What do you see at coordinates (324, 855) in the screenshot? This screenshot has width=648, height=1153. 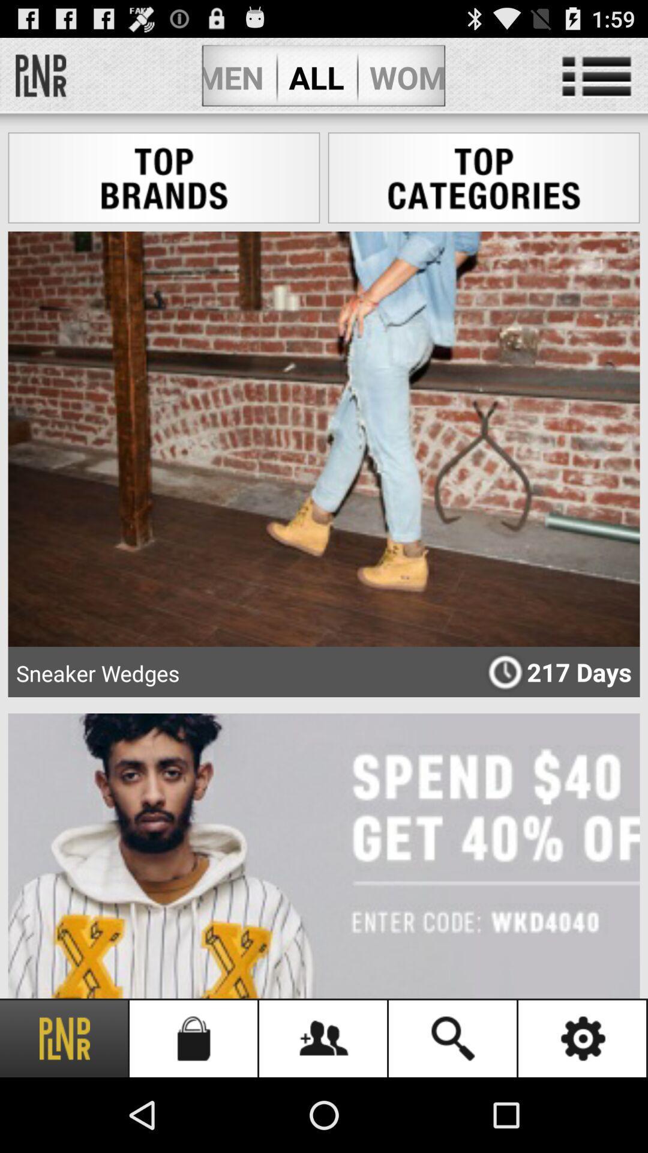 I see `the second image` at bounding box center [324, 855].